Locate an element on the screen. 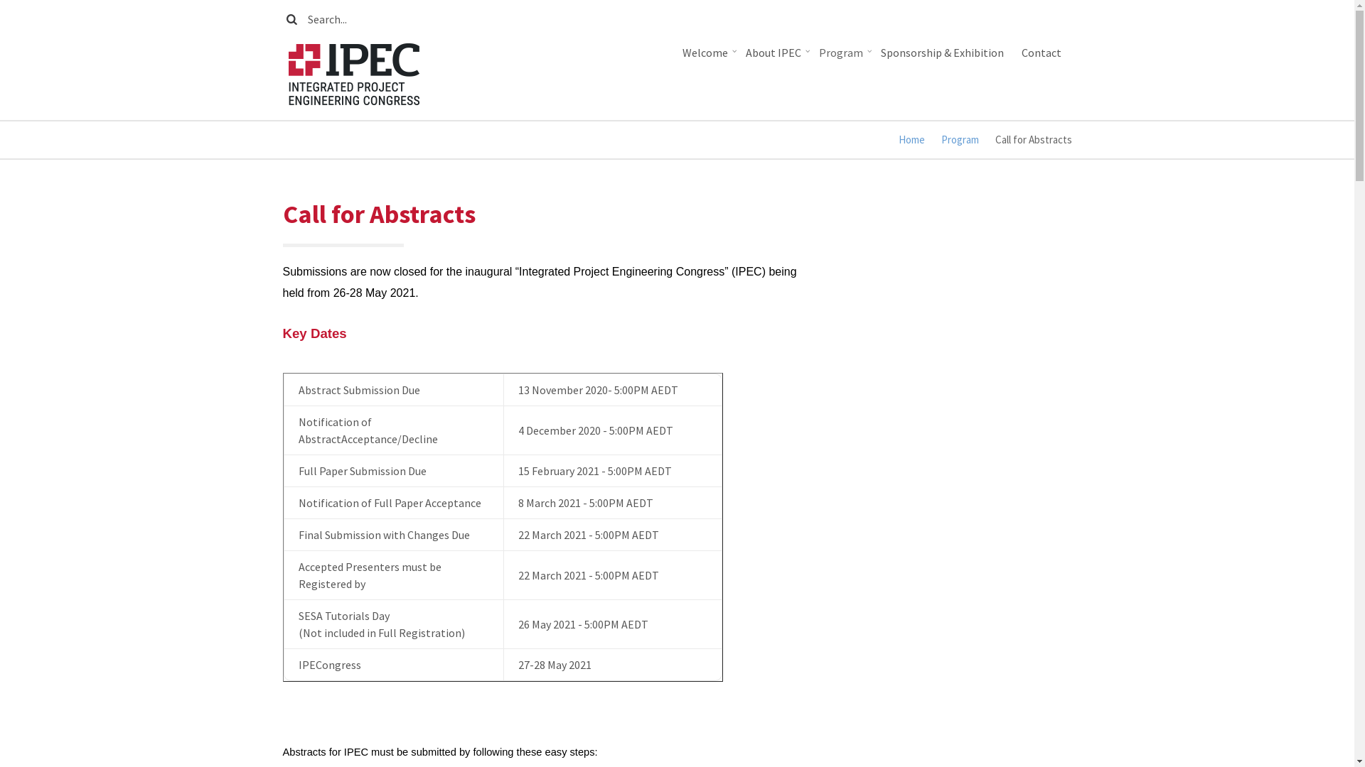  'Search' is located at coordinates (296, 19).